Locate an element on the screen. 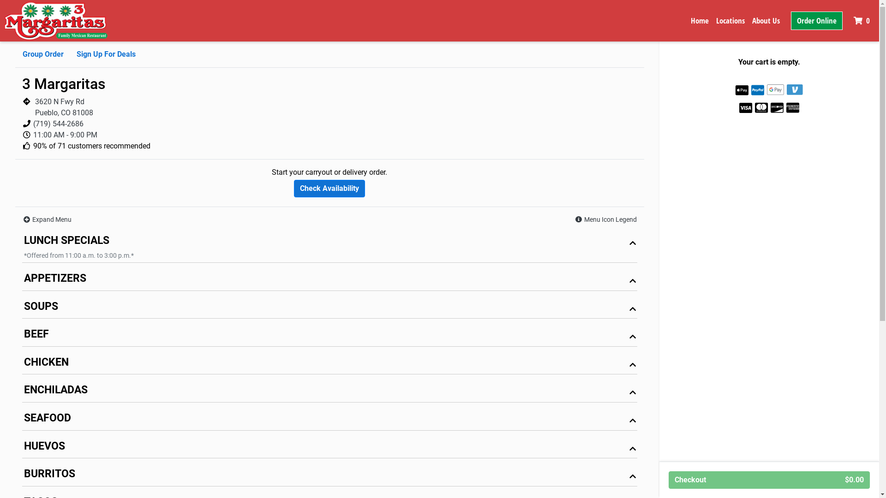 The width and height of the screenshot is (886, 498). 'CHICKEN' is located at coordinates (329, 364).